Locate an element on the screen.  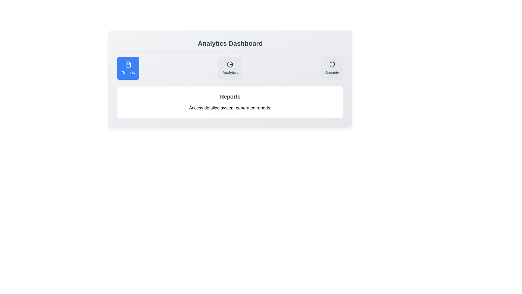
the Reports tab to view its content is located at coordinates (128, 68).